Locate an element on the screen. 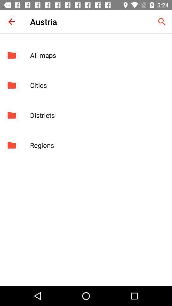 The width and height of the screenshot is (172, 306). icon to the left of the districts app is located at coordinates (11, 115).